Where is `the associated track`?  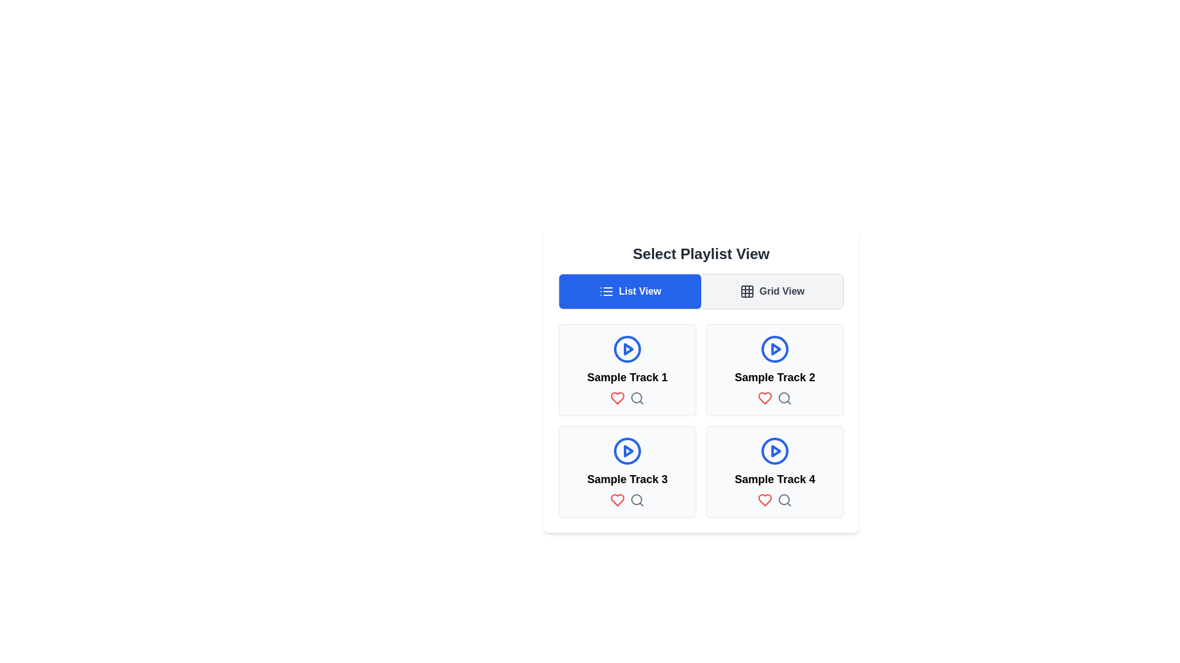 the associated track is located at coordinates (774, 478).